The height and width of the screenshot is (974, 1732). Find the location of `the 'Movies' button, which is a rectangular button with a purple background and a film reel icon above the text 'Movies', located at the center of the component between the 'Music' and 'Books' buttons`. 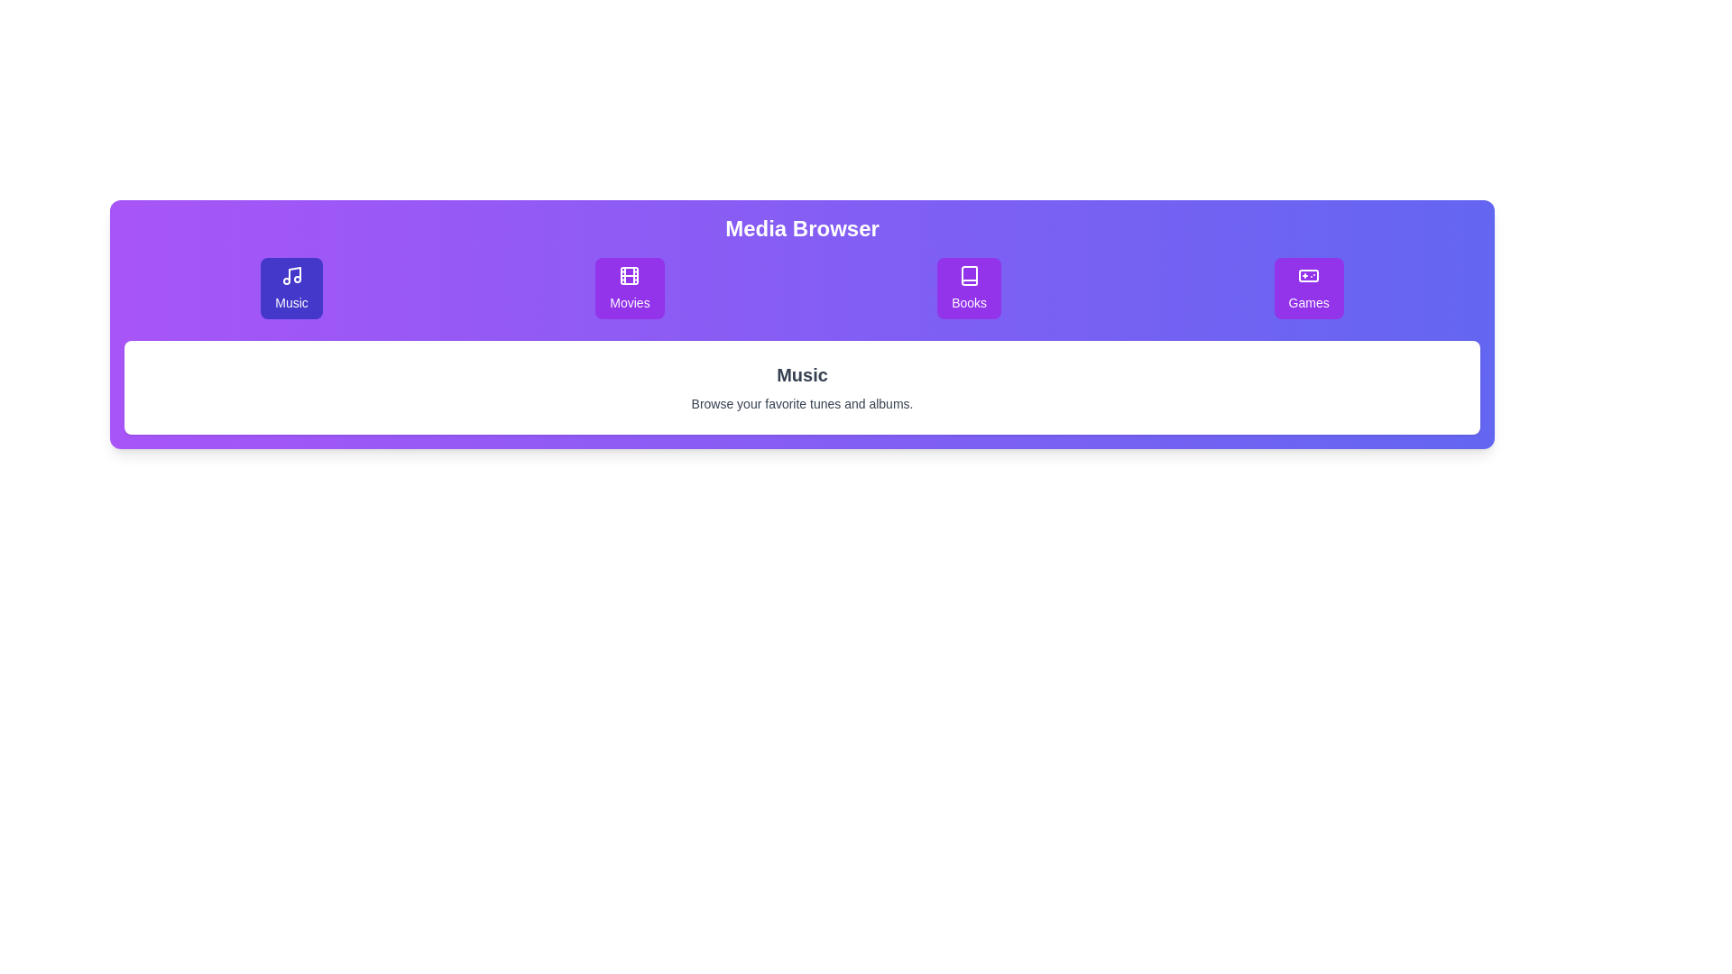

the 'Movies' button, which is a rectangular button with a purple background and a film reel icon above the text 'Movies', located at the center of the component between the 'Music' and 'Books' buttons is located at coordinates (630, 288).